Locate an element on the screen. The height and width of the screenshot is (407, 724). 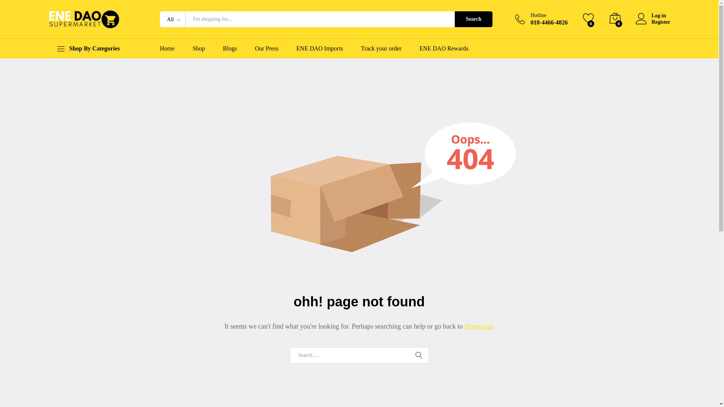
'Our Press' is located at coordinates (255, 48).